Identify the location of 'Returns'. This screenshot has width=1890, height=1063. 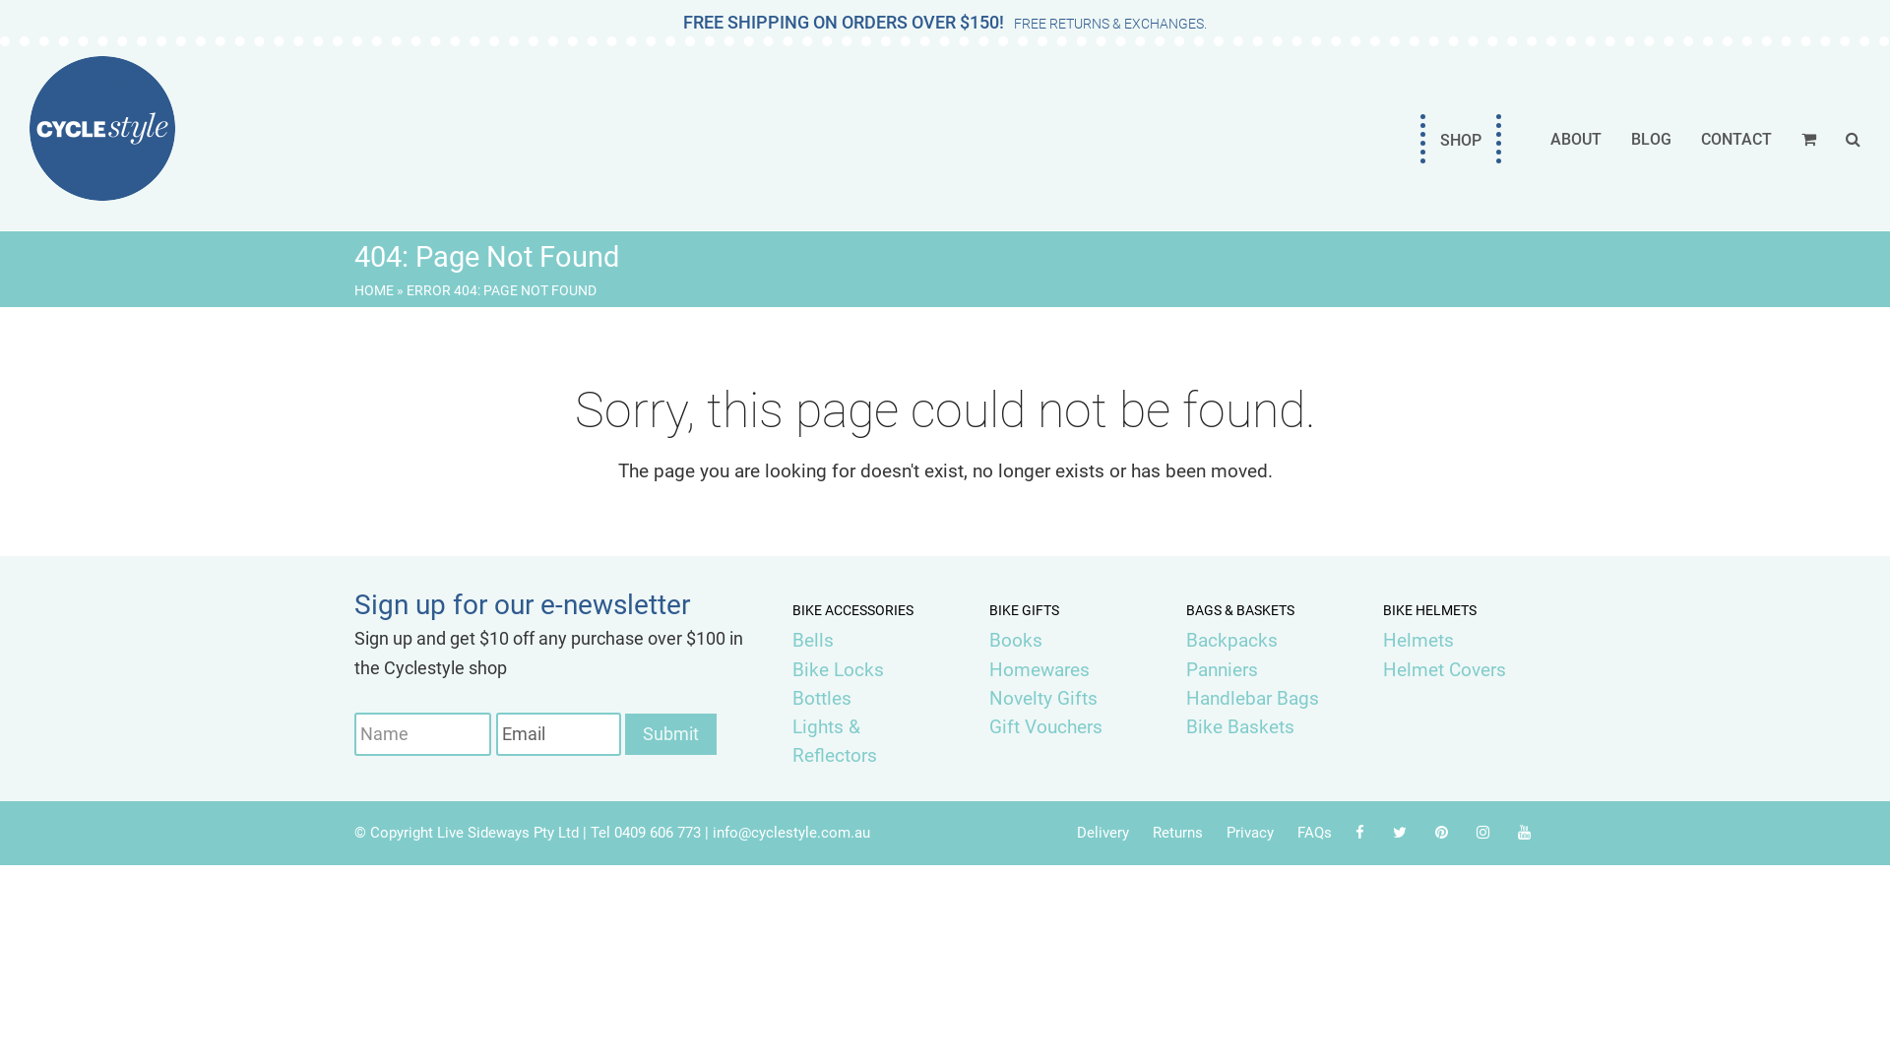
(1177, 832).